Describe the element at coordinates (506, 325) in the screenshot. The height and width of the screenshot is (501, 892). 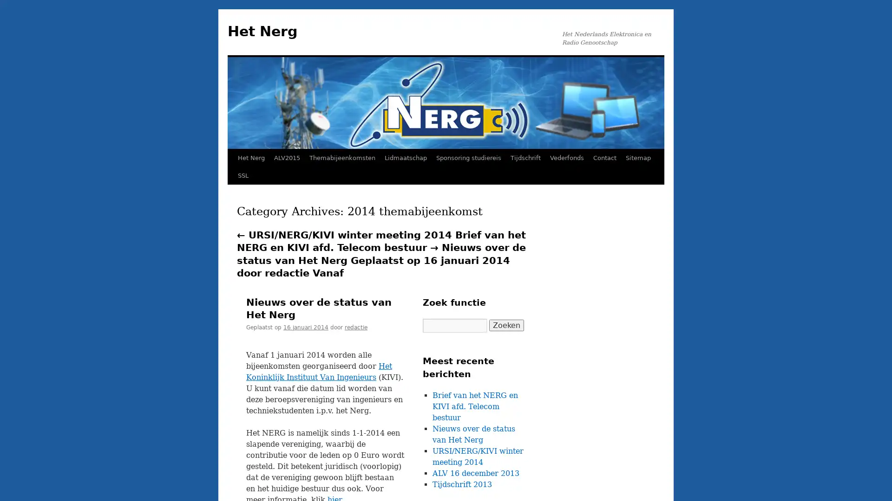
I see `Zoeken` at that location.